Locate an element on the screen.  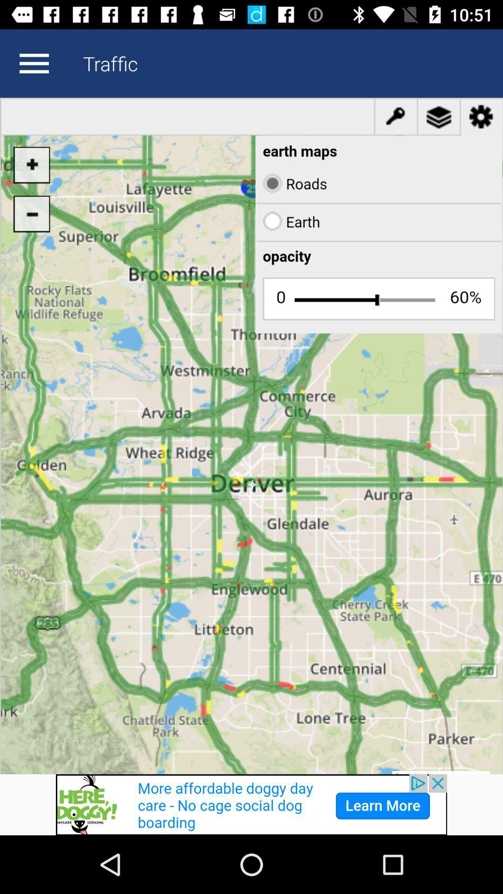
search of the option is located at coordinates (34, 63).